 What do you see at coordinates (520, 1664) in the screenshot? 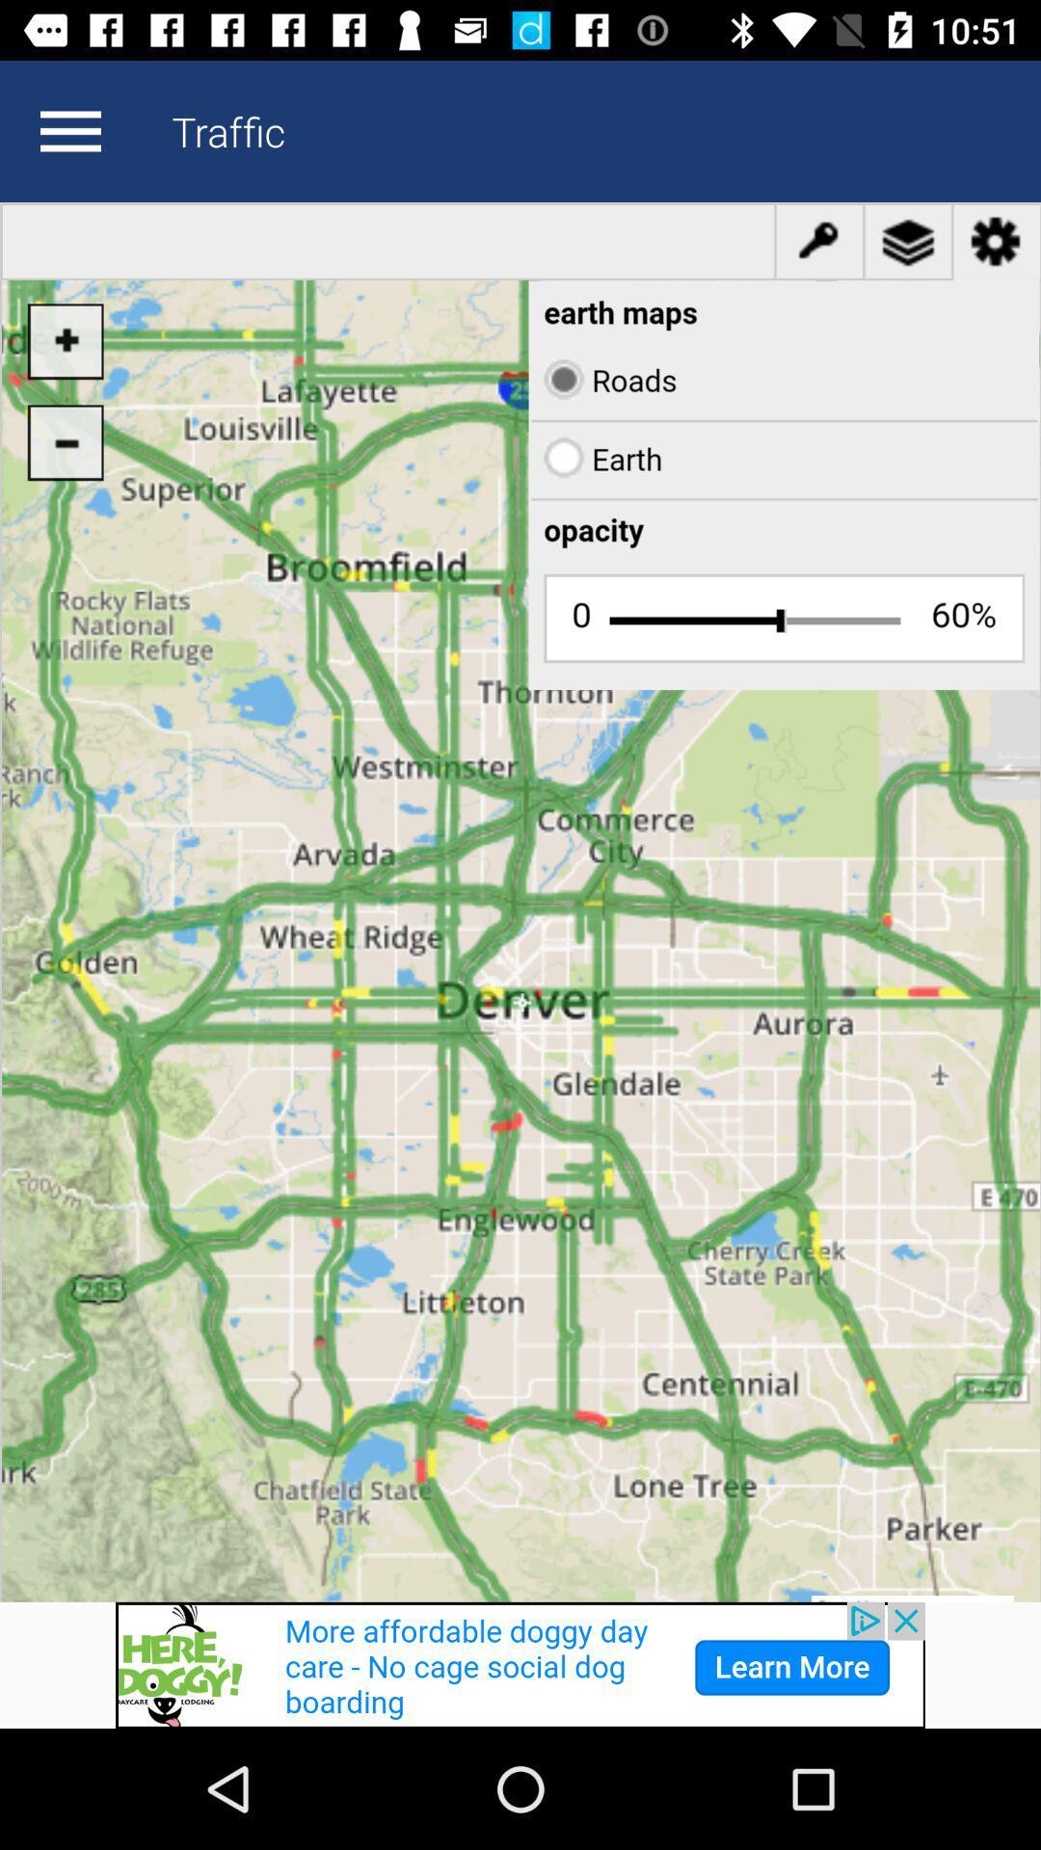
I see `advertisement` at bounding box center [520, 1664].